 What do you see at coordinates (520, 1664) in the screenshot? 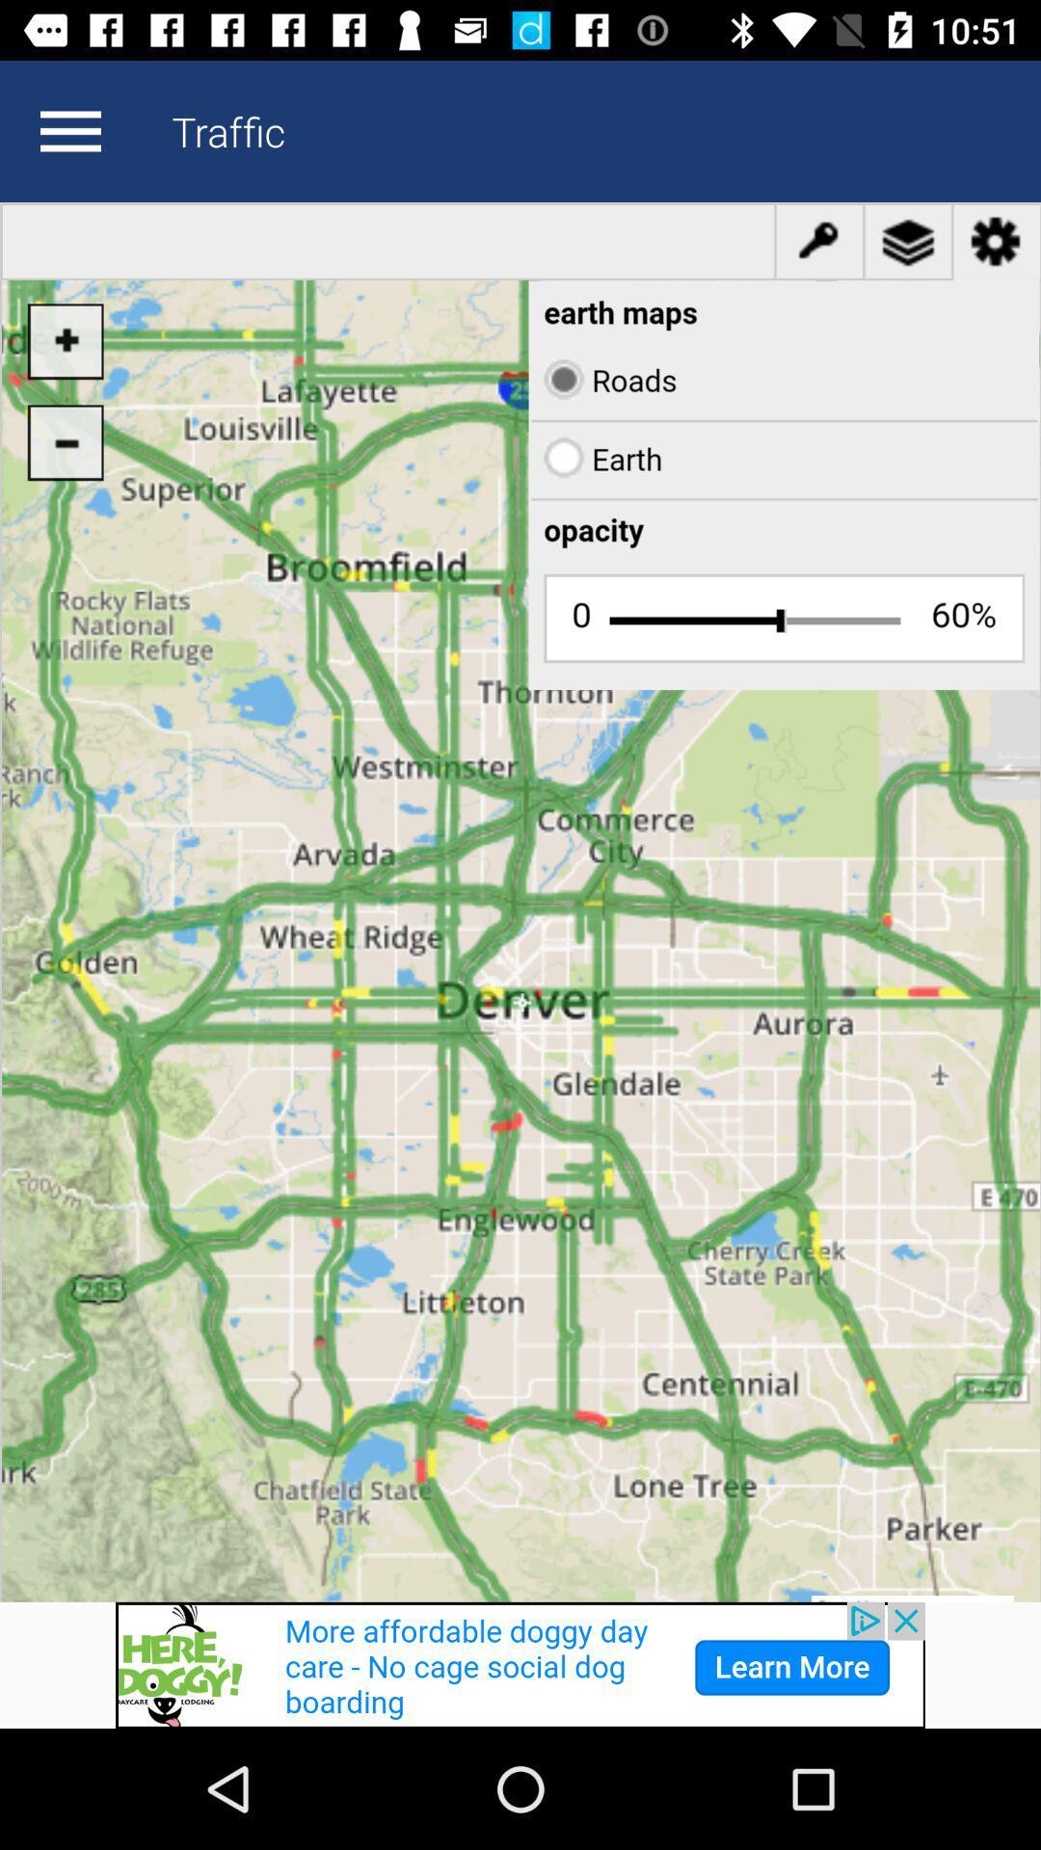
I see `advertisement` at bounding box center [520, 1664].